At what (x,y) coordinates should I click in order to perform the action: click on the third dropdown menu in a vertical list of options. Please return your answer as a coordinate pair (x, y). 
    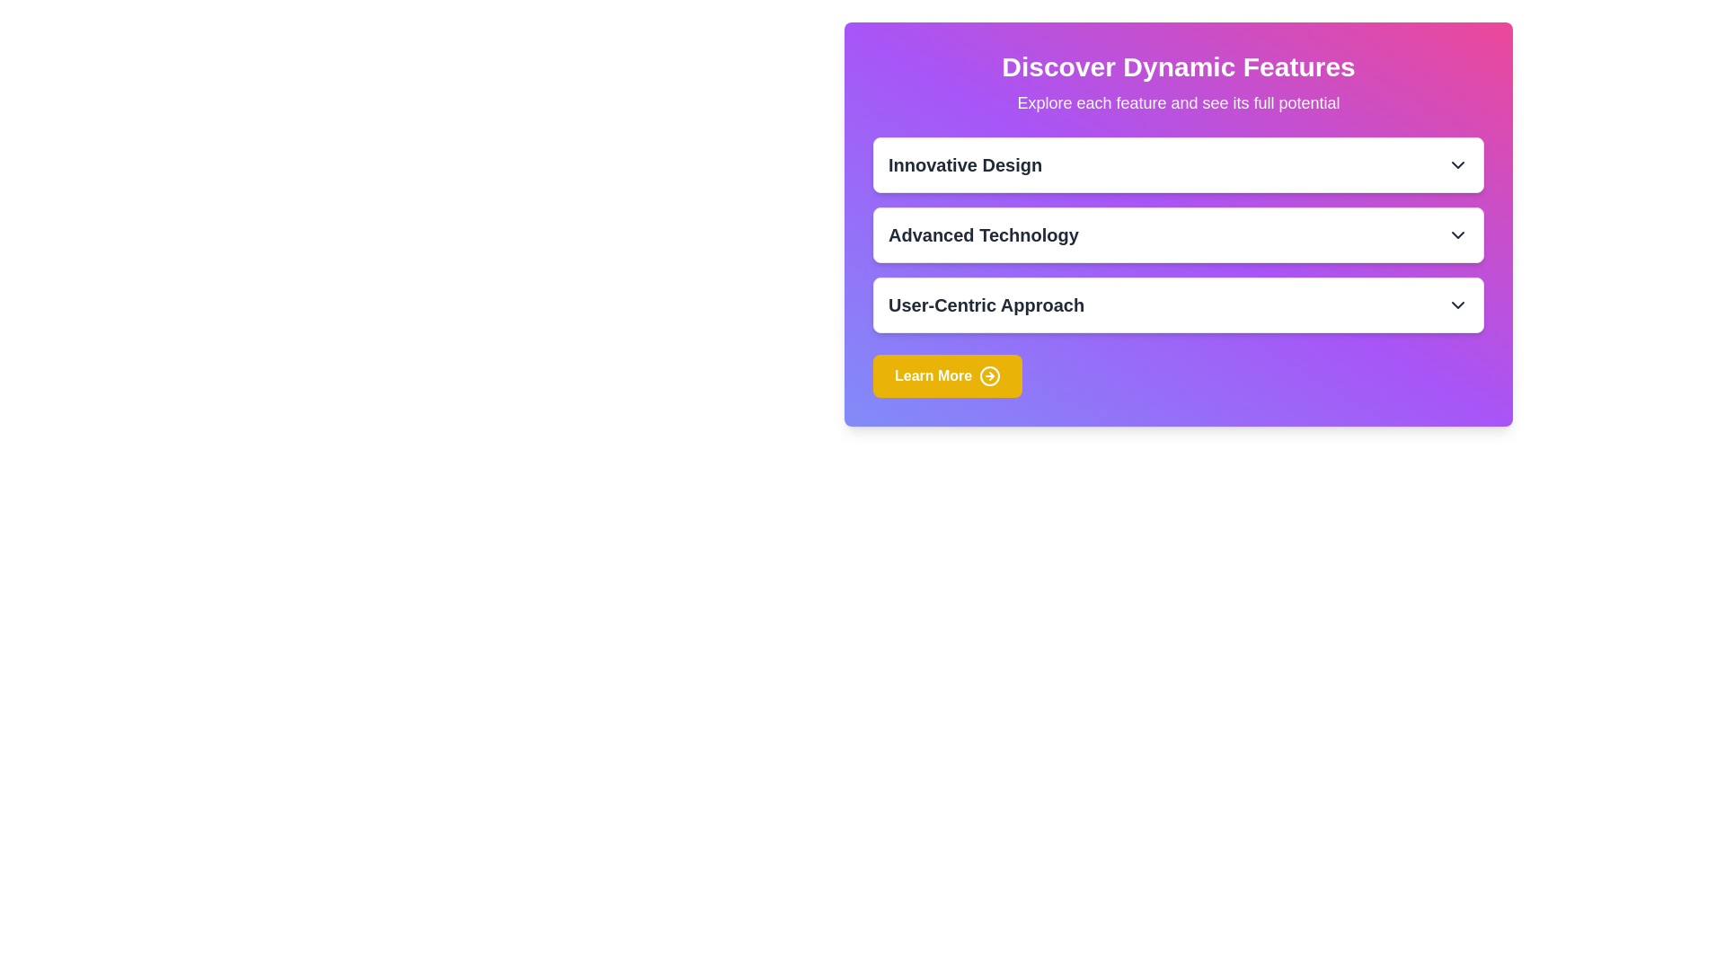
    Looking at the image, I should click on (1178, 304).